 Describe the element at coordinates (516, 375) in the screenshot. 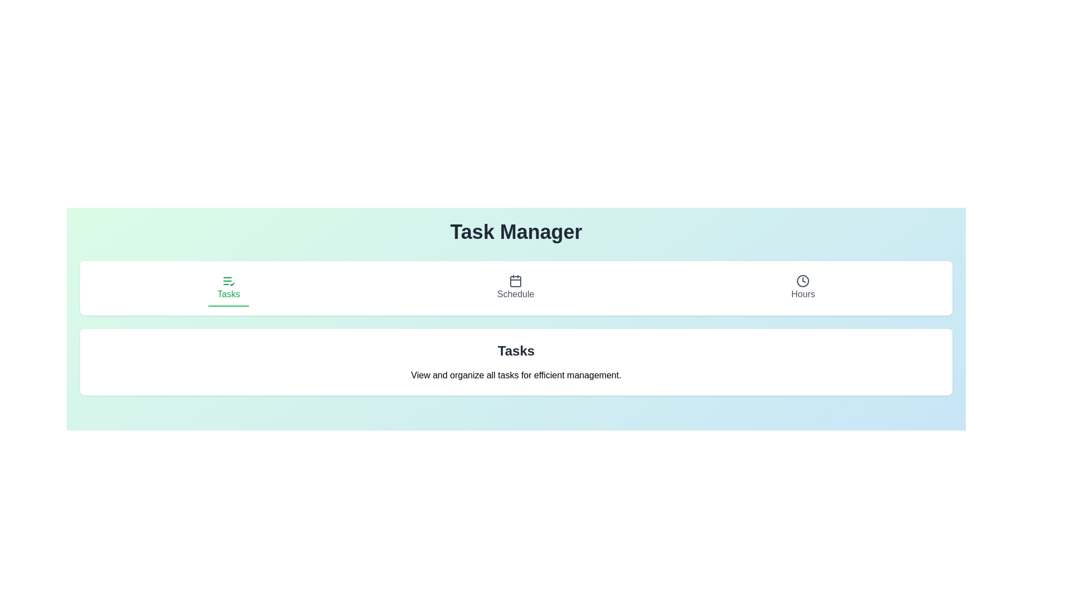

I see `the informational text located beneath the 'Tasks' title in the white rectangular section labeled 'Tasks'` at that location.